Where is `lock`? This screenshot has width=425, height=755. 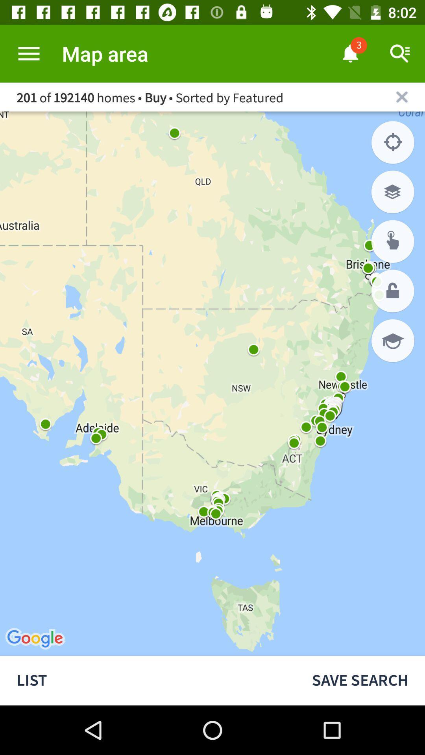 lock is located at coordinates (393, 291).